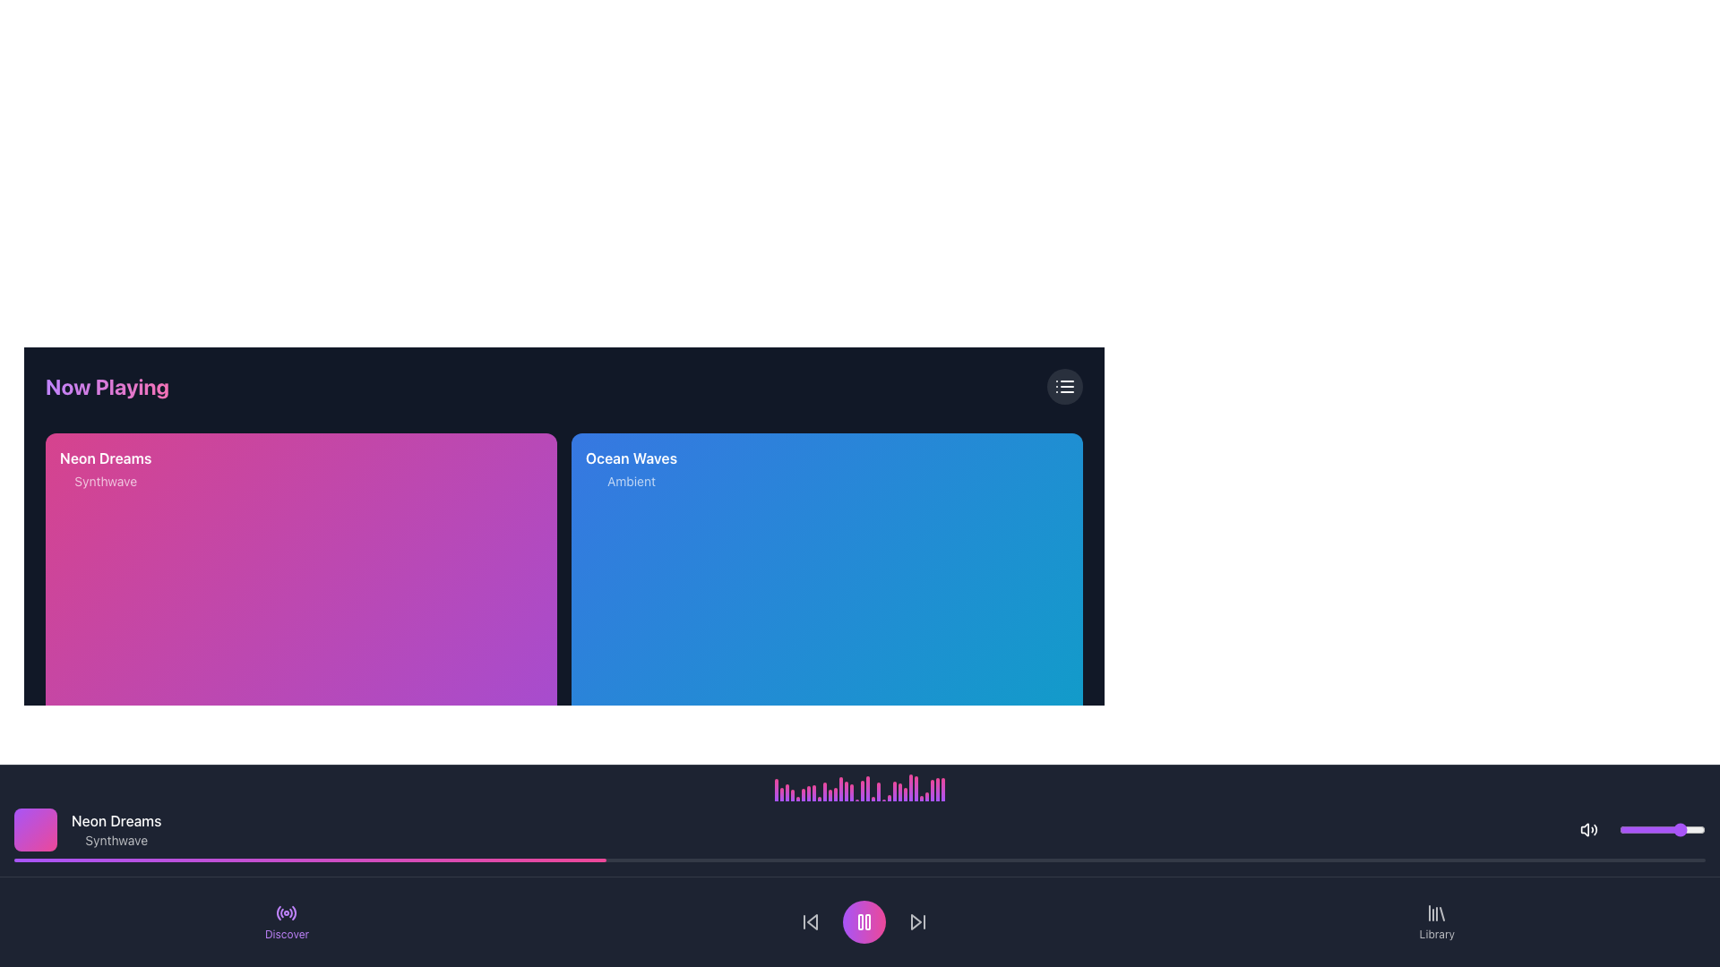  What do you see at coordinates (916, 790) in the screenshot?
I see `the height change dynamically of the 27th vertical bar in the graphical equalizer, which has a color gradient from purple to pink and is part of a row of similar bars` at bounding box center [916, 790].